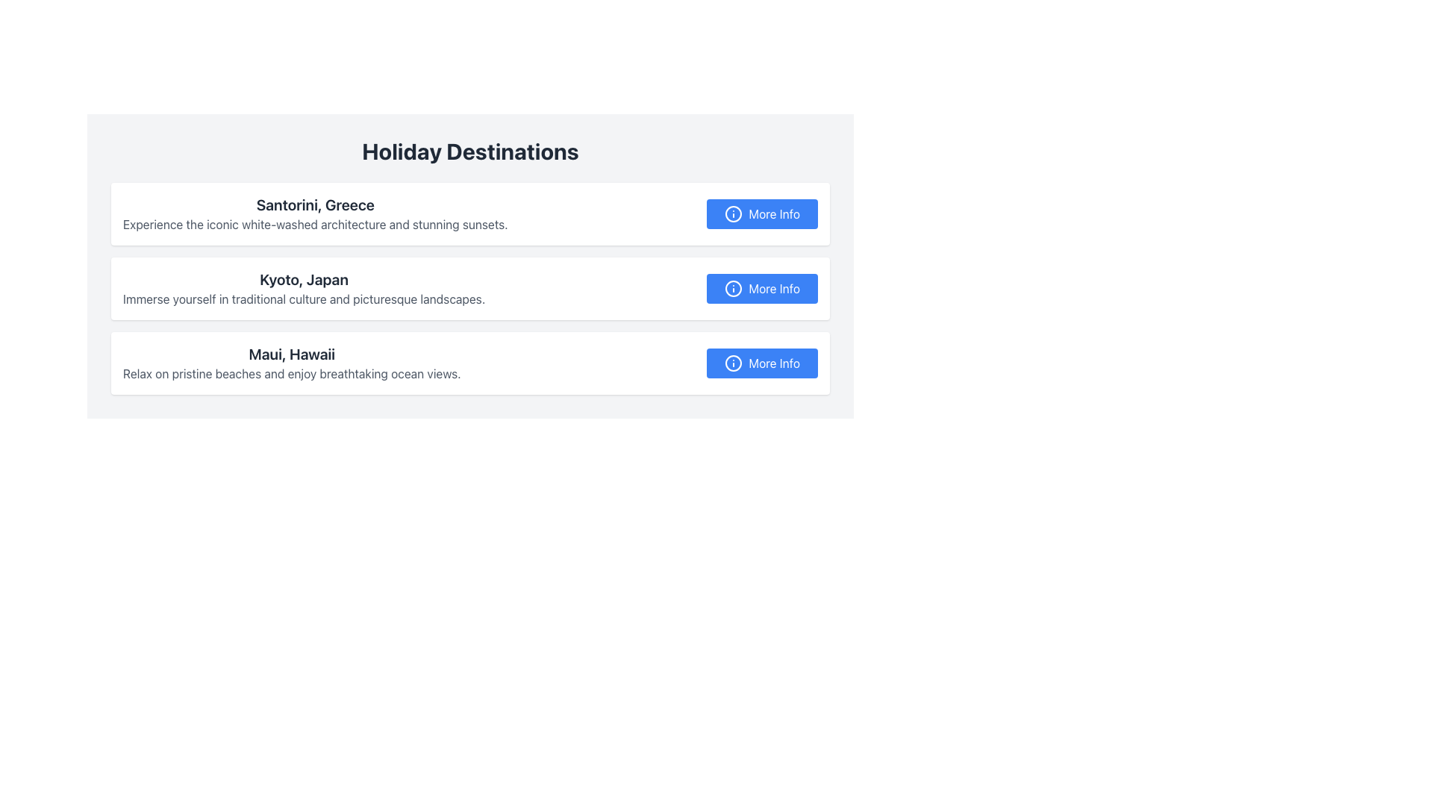  Describe the element at coordinates (734, 363) in the screenshot. I see `the circular 'More Info' icon located on the right side of the 'More Info' button for the 'Maui, Hawaii' destination` at that location.